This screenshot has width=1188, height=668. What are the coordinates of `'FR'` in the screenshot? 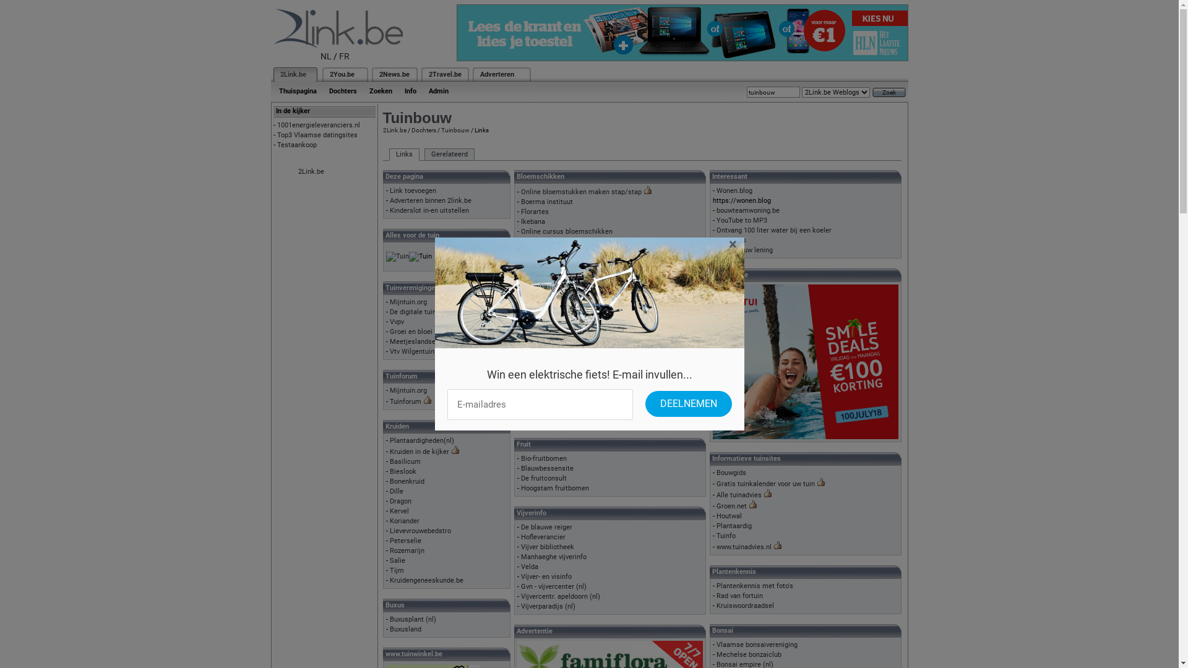 It's located at (344, 56).